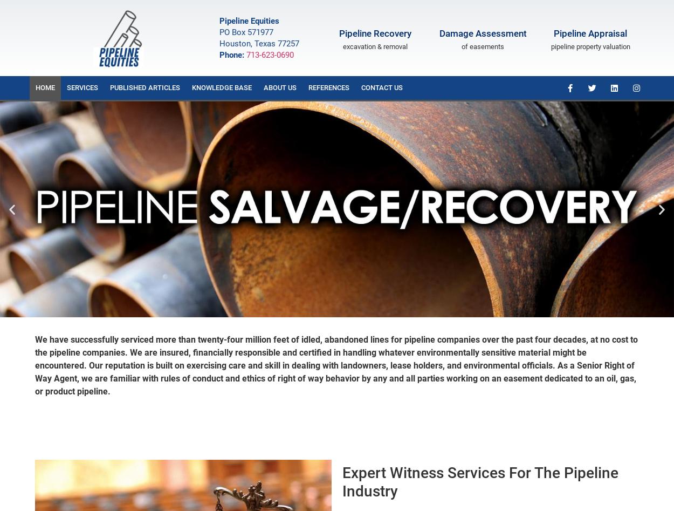 This screenshot has width=674, height=511. Describe the element at coordinates (222, 87) in the screenshot. I see `'Knowledge Base'` at that location.